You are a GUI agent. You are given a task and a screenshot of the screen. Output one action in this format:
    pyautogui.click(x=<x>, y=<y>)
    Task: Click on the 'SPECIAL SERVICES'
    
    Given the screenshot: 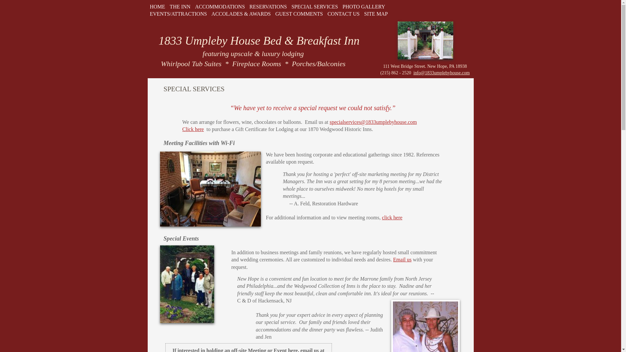 What is the action you would take?
    pyautogui.click(x=315, y=7)
    